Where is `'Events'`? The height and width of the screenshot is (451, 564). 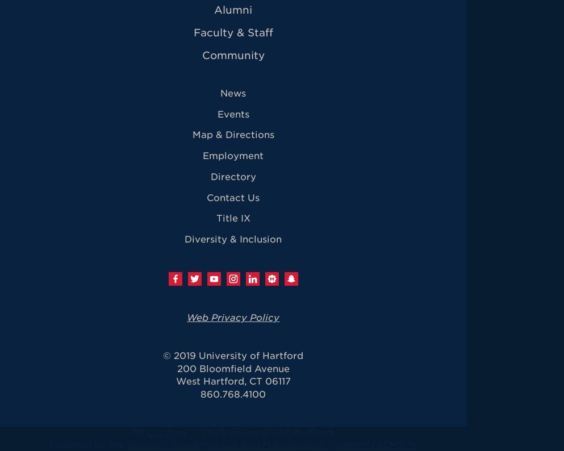
'Events' is located at coordinates (232, 114).